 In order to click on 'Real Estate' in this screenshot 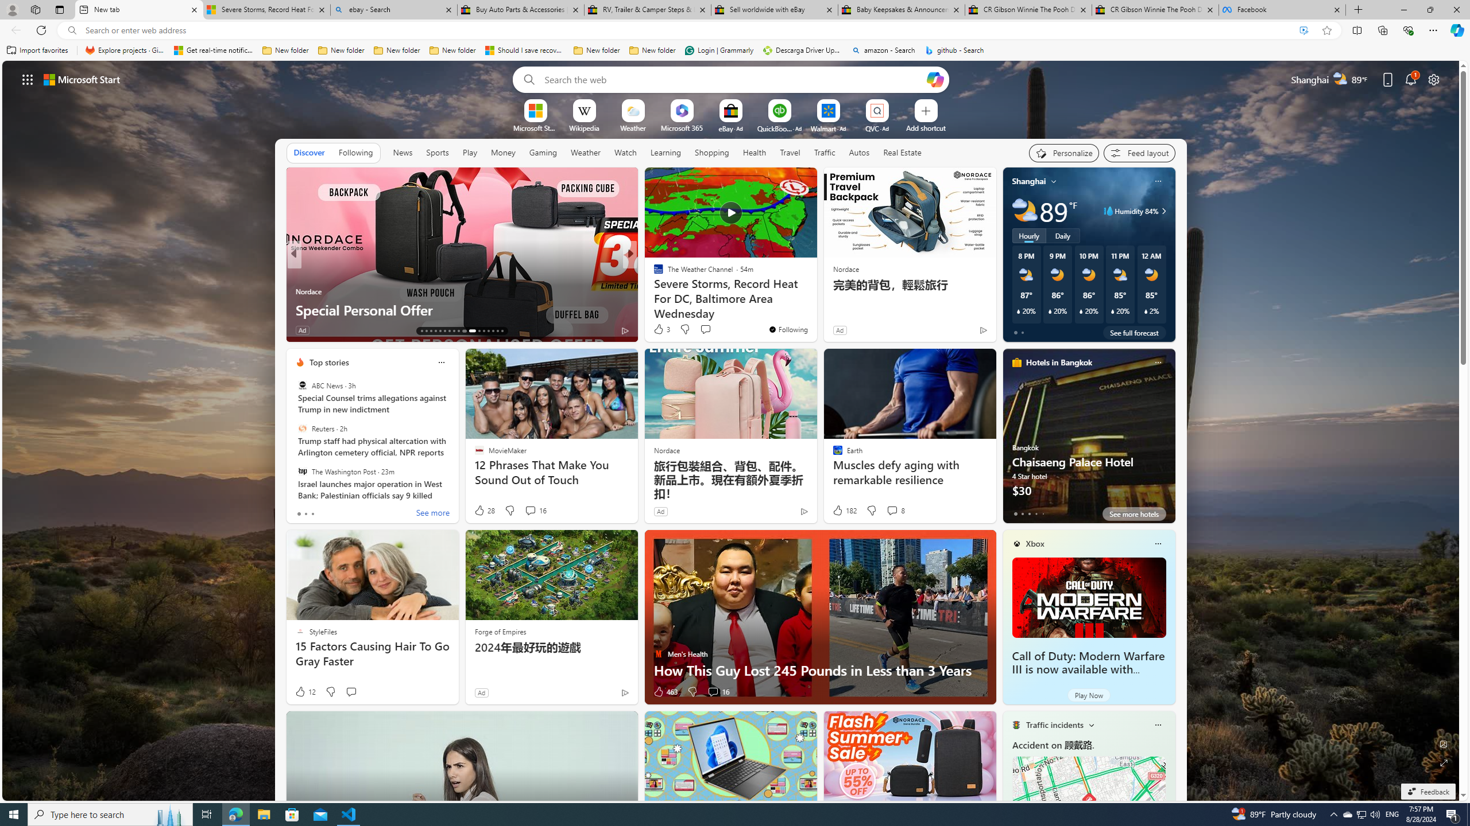, I will do `click(902, 152)`.